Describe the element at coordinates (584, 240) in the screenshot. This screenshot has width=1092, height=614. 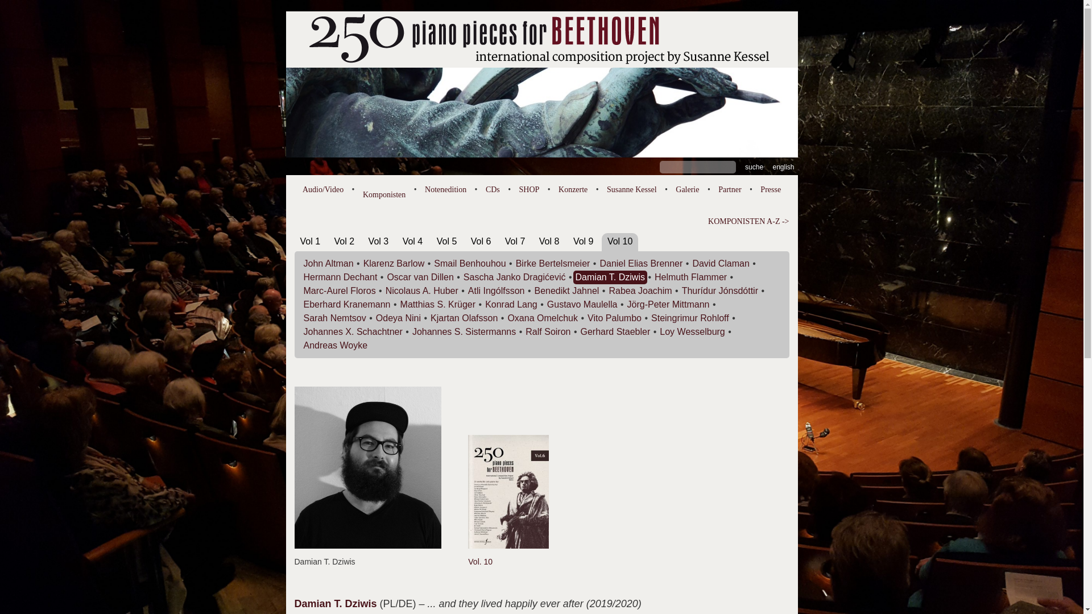
I see `'Vol 9'` at that location.